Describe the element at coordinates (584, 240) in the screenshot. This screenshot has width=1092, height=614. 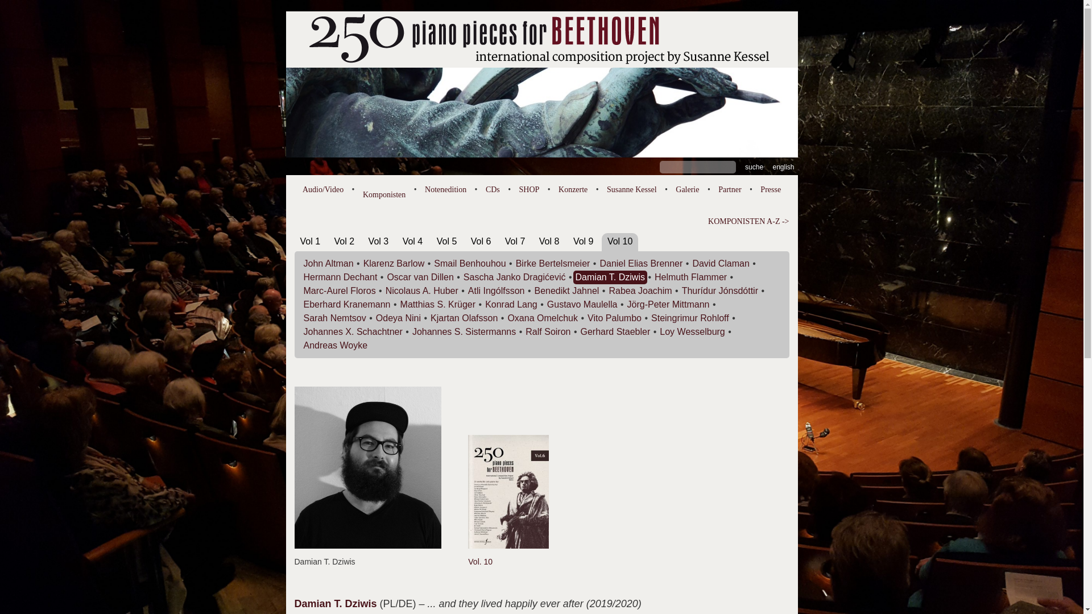
I see `'Vol 9'` at that location.